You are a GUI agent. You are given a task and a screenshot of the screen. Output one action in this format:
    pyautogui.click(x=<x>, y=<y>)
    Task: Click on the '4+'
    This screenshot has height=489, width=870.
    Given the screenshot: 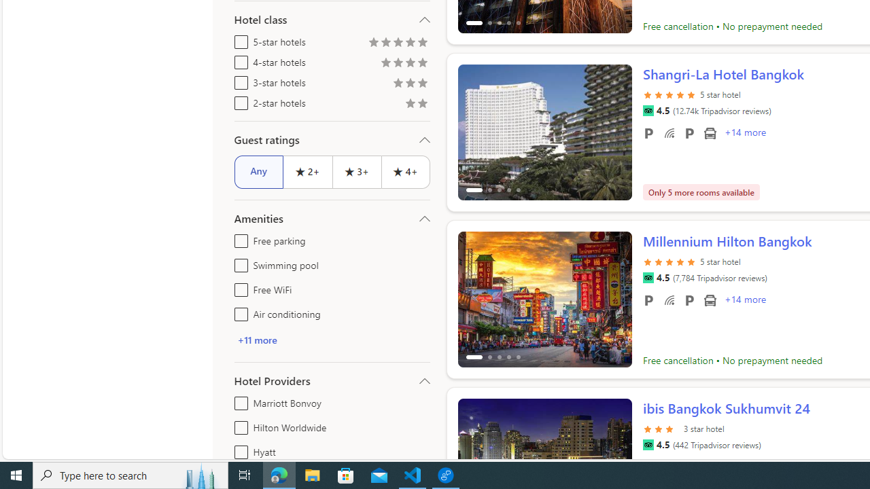 What is the action you would take?
    pyautogui.click(x=405, y=171)
    